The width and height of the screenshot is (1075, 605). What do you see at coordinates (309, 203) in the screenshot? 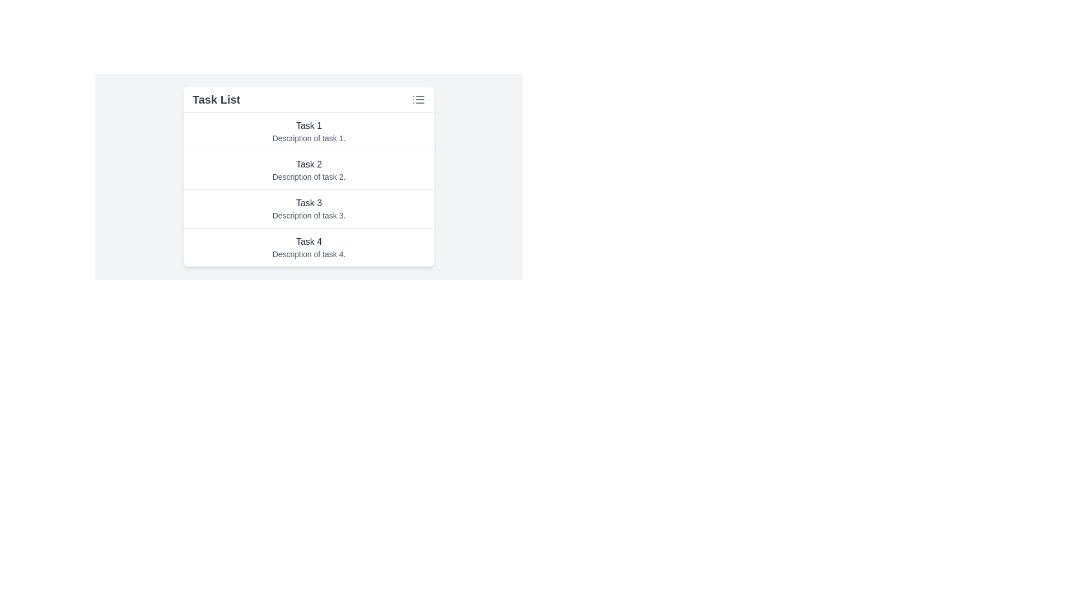
I see `the text label 'Task 3' which is styled prominently in gray, indicating it is the title of the third task in the 'Task List'` at bounding box center [309, 203].